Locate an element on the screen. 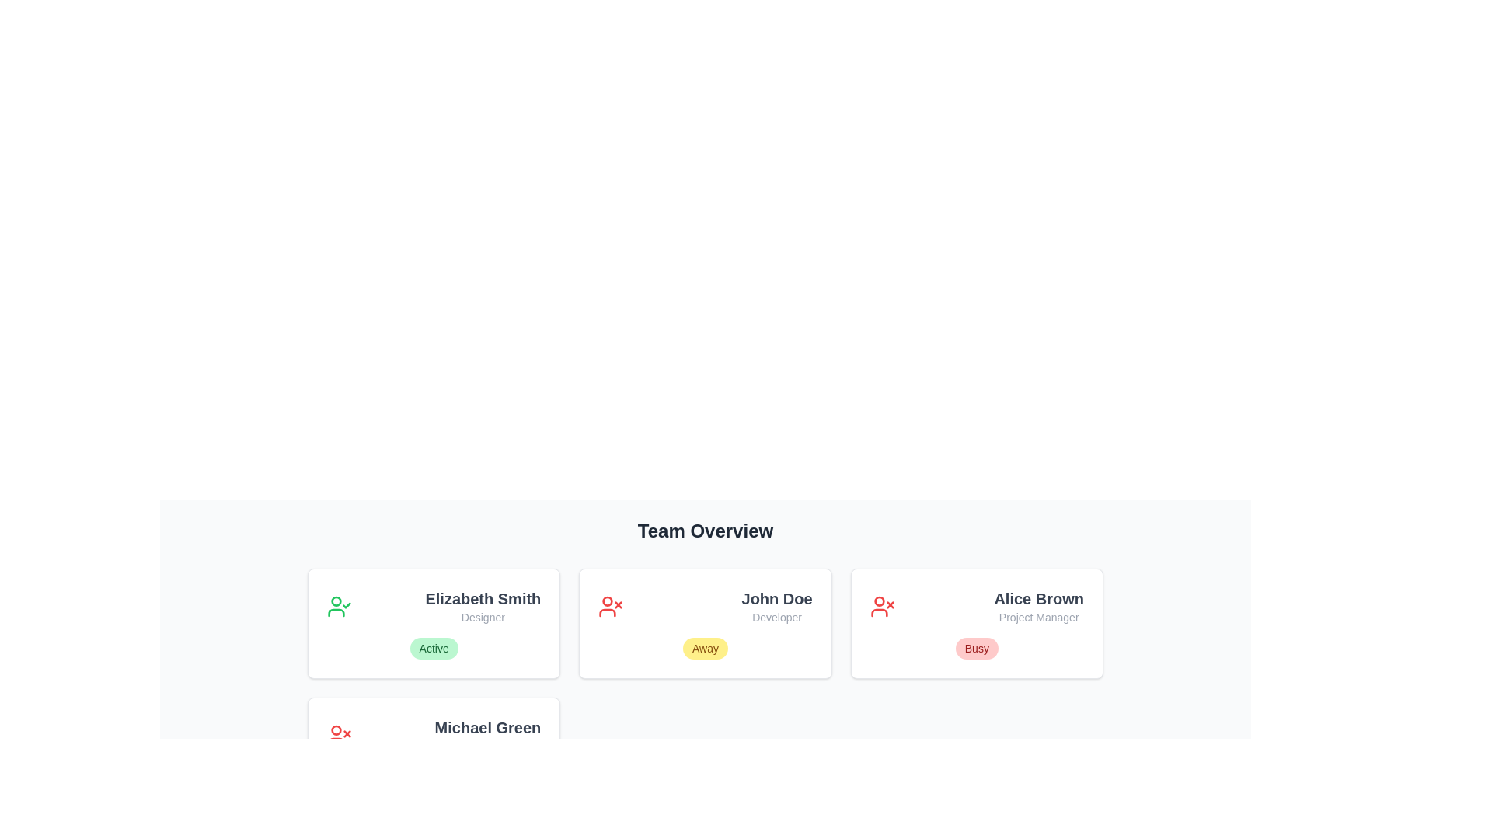  the decorative circular red shape within the user silhouette icon next to the cross symbol, located at the top-left corner of the card labeled 'Michael Green' is located at coordinates (335, 730).